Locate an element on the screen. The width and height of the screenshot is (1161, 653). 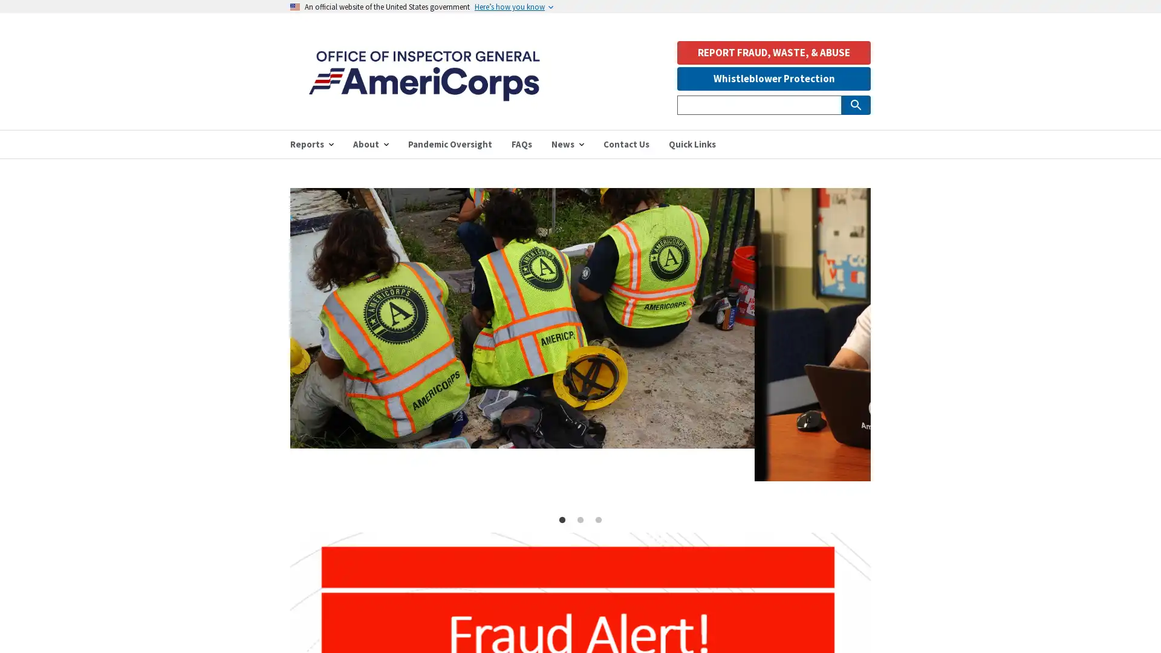
About is located at coordinates (370, 143).